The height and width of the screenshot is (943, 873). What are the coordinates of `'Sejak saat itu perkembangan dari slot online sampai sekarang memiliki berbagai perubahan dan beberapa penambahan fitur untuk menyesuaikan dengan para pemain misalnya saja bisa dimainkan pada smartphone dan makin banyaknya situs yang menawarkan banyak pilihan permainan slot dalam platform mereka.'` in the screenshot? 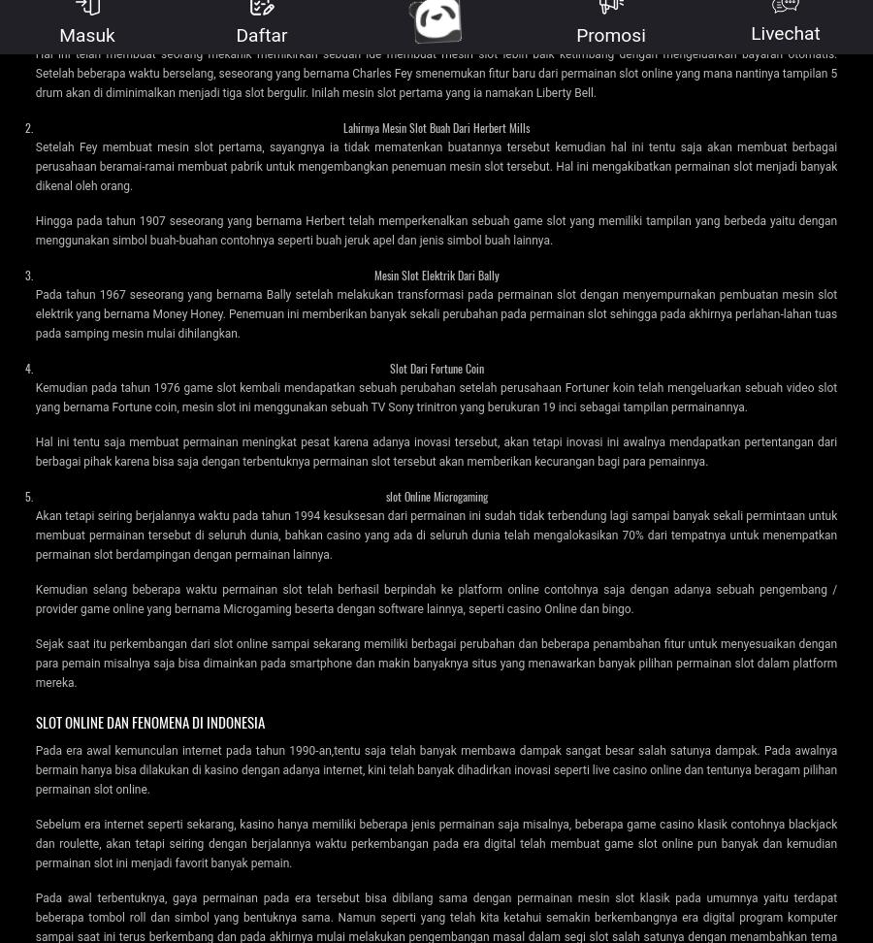 It's located at (436, 662).